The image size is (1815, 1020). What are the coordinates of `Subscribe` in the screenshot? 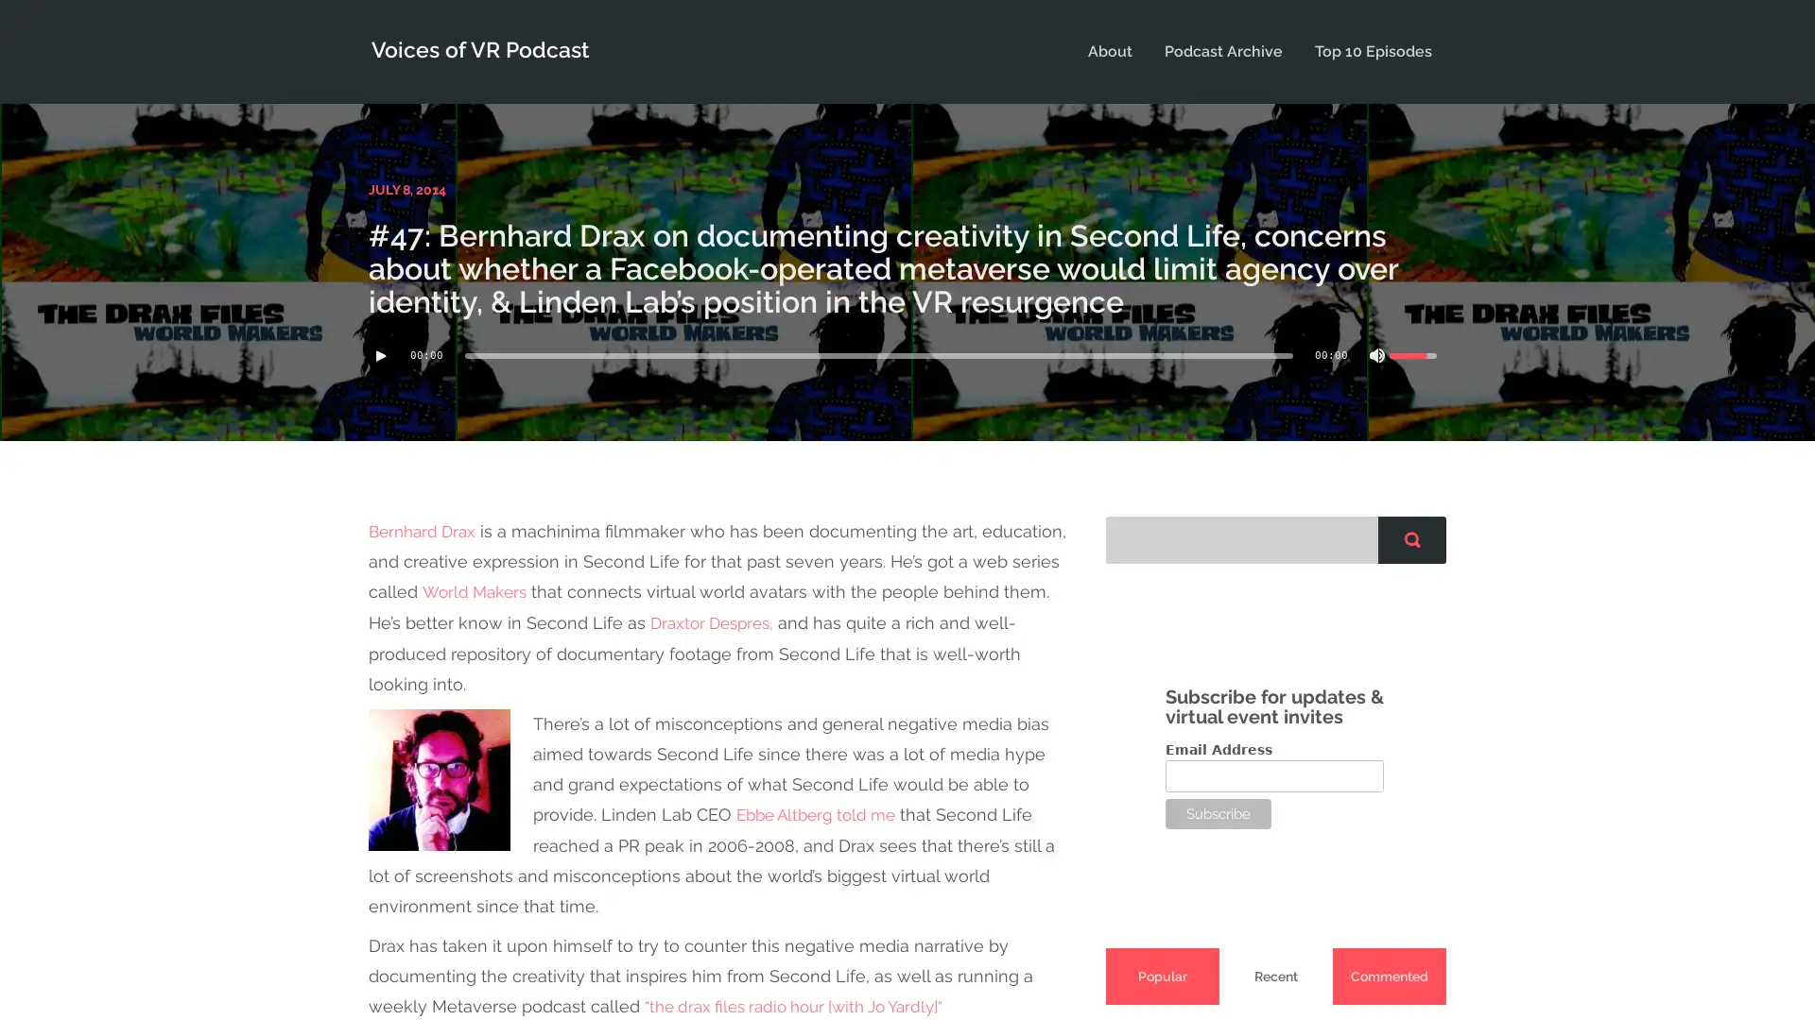 It's located at (1219, 812).